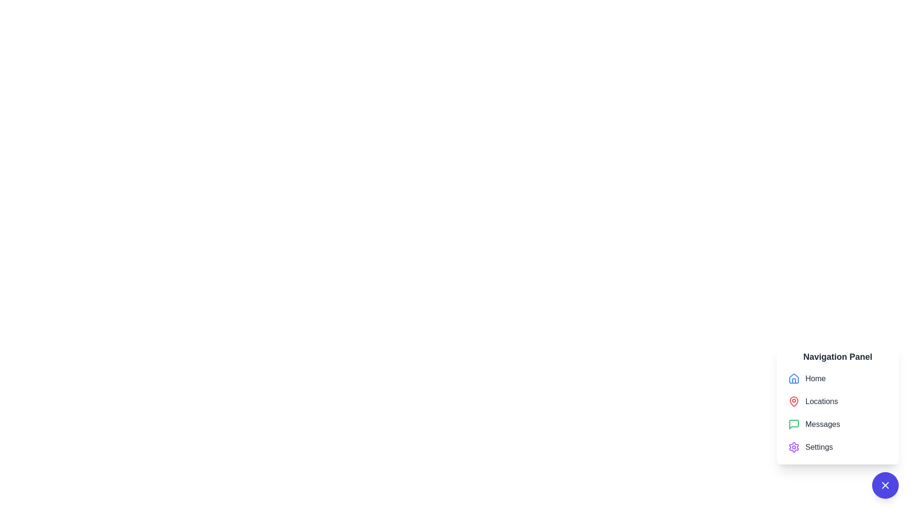 This screenshot has width=914, height=514. What do you see at coordinates (885, 485) in the screenshot?
I see `the circular button with a deep blue background and a white close (X) icon located in the bottom-right corner of the grouped navigation panel` at bounding box center [885, 485].